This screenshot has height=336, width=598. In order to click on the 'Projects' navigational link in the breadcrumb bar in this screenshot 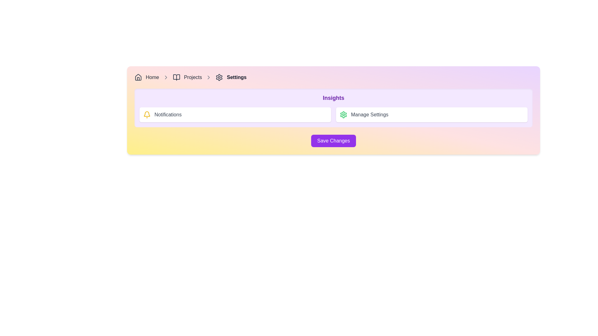, I will do `click(192, 77)`.